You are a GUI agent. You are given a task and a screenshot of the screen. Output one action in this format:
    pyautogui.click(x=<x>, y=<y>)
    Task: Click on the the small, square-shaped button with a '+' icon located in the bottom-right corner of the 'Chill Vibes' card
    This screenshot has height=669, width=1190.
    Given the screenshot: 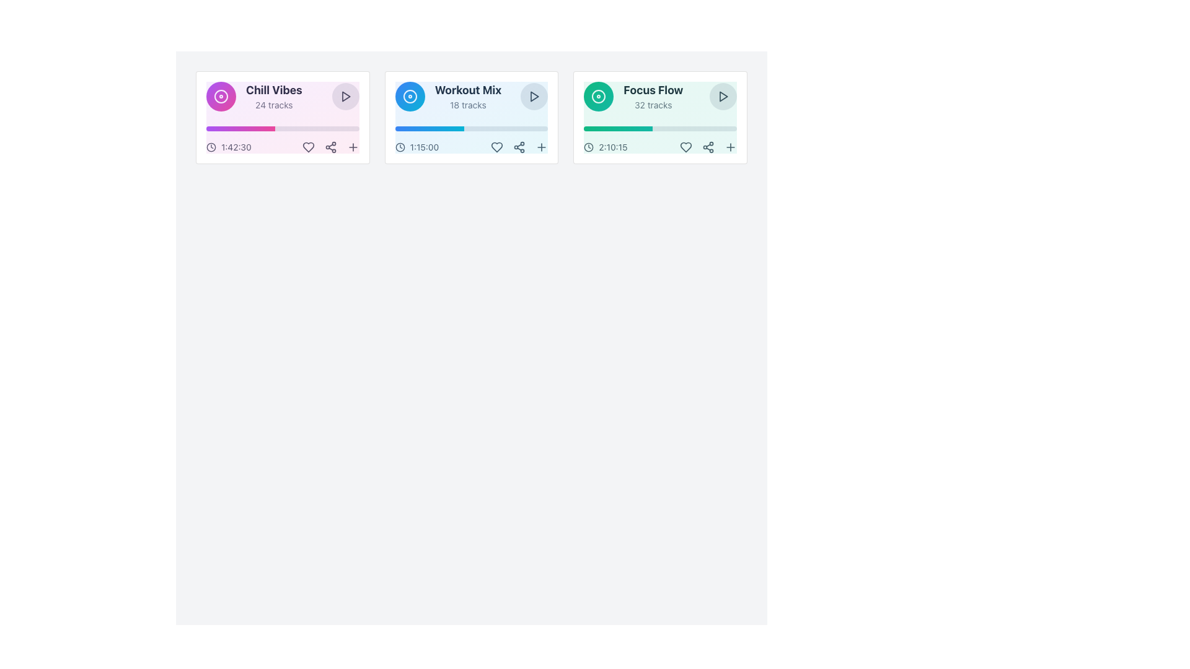 What is the action you would take?
    pyautogui.click(x=352, y=147)
    